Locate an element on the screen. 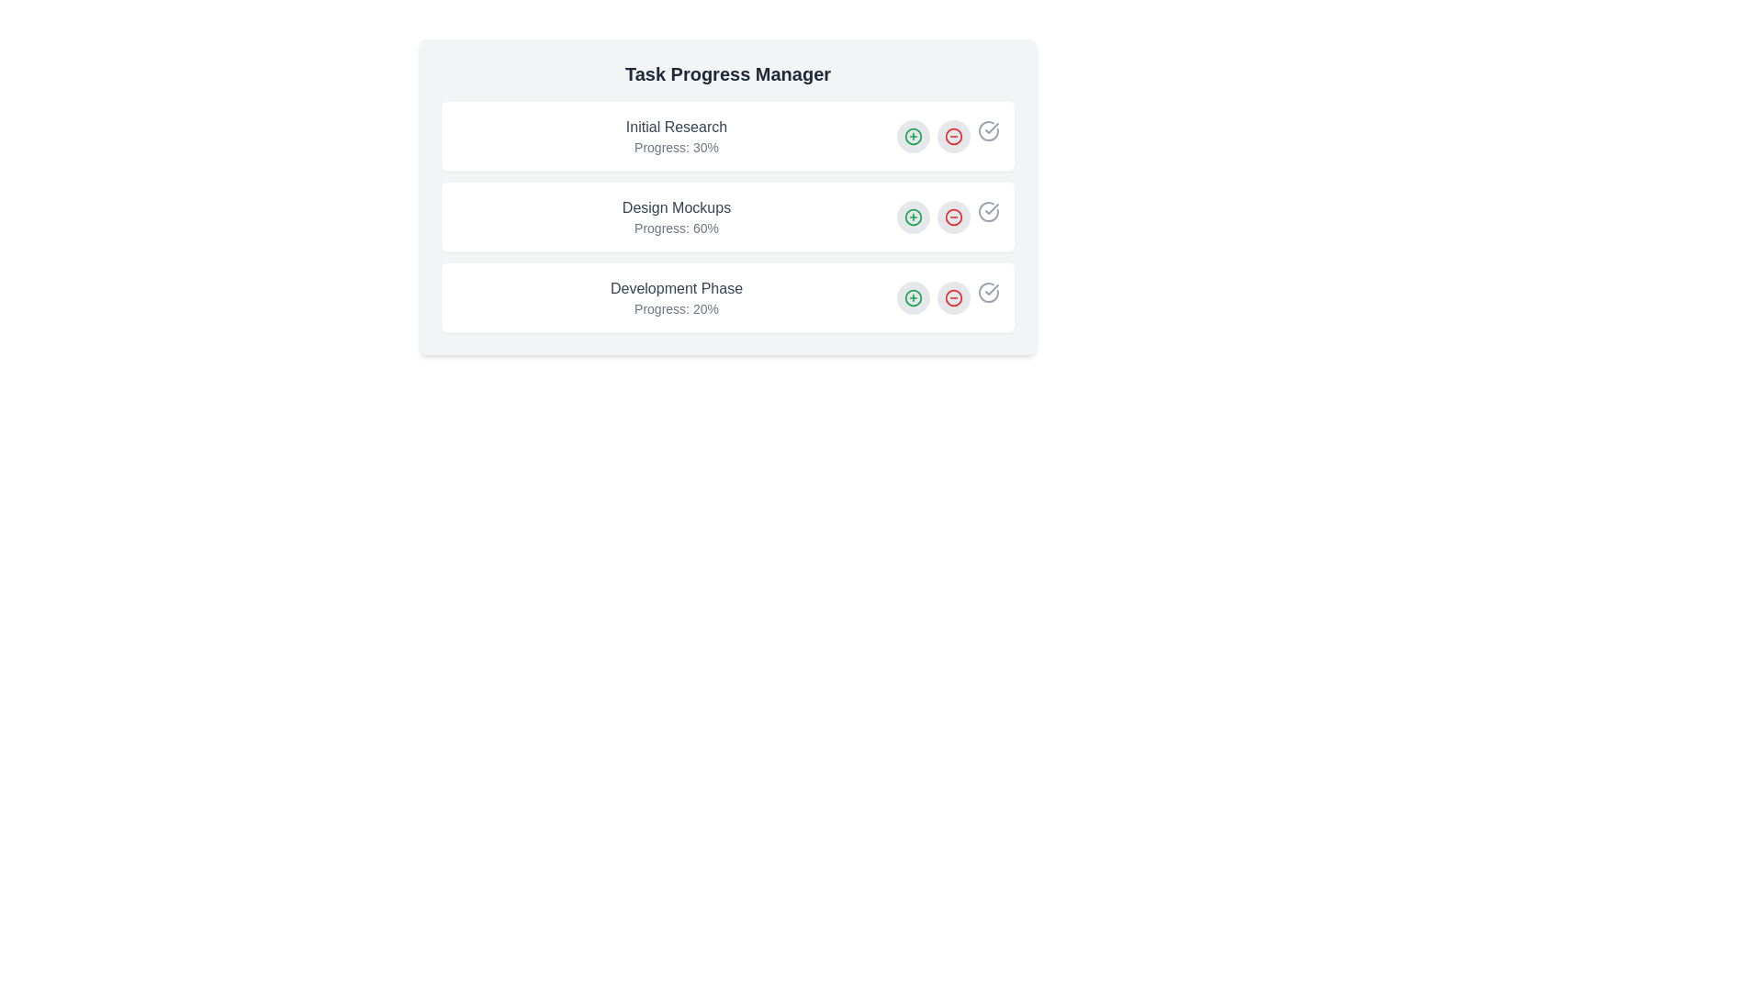 Image resolution: width=1763 pixels, height=991 pixels. the circular red icon with a minus symbol located in the third column of the 'Design Mockups' row in the 'Task Progress Manager' is located at coordinates (953, 216).